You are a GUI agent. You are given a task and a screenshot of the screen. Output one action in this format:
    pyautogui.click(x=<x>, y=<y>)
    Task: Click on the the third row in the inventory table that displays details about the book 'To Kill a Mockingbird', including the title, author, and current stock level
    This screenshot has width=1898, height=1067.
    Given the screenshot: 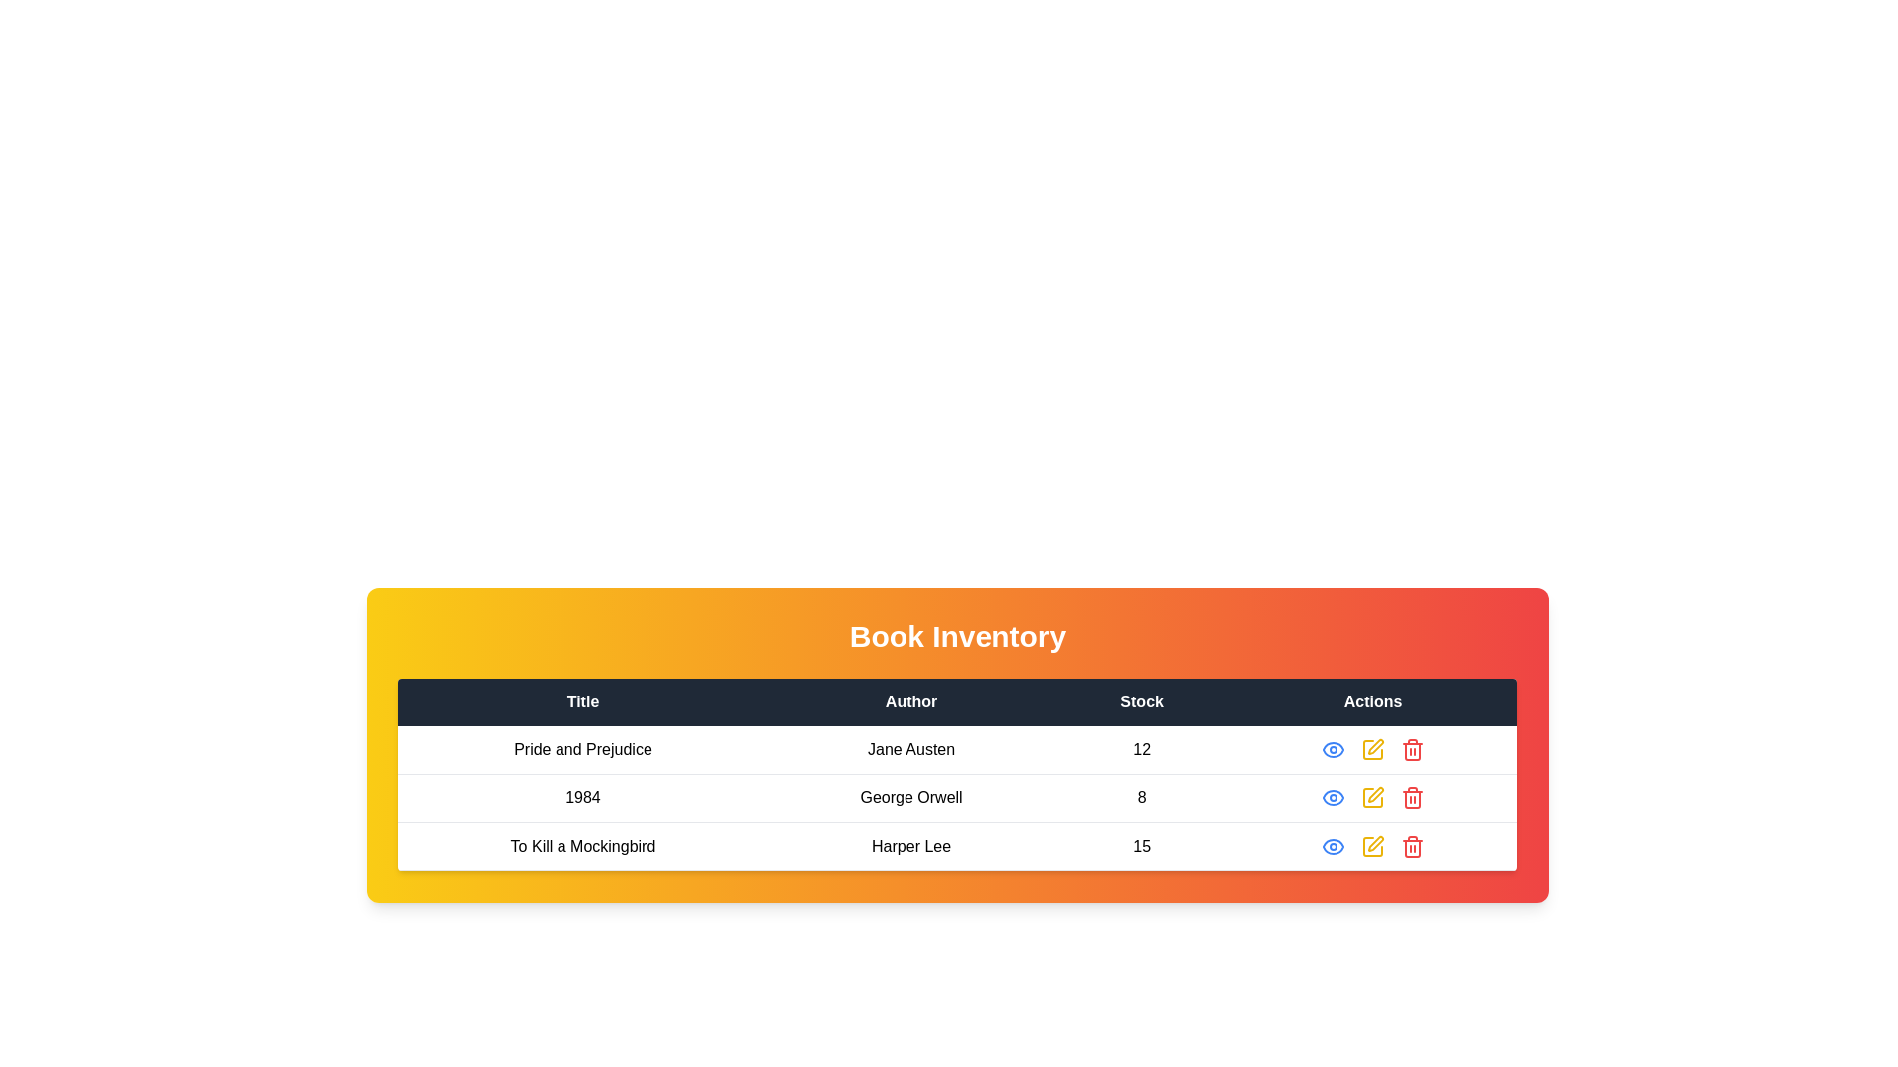 What is the action you would take?
    pyautogui.click(x=958, y=845)
    